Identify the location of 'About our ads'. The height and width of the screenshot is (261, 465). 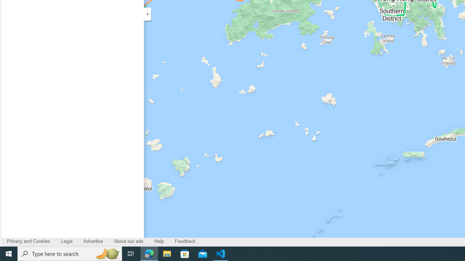
(128, 241).